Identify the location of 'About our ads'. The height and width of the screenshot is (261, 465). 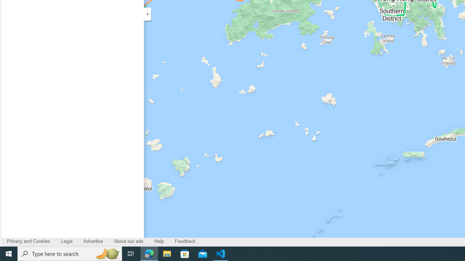
(128, 241).